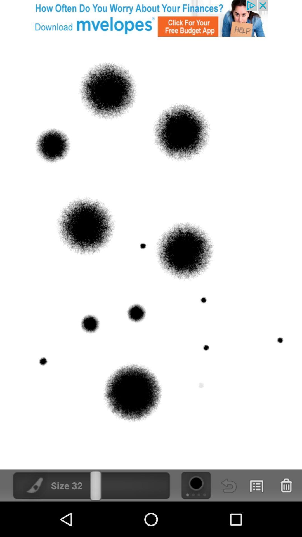  What do you see at coordinates (228, 519) in the screenshot?
I see `the undo icon` at bounding box center [228, 519].